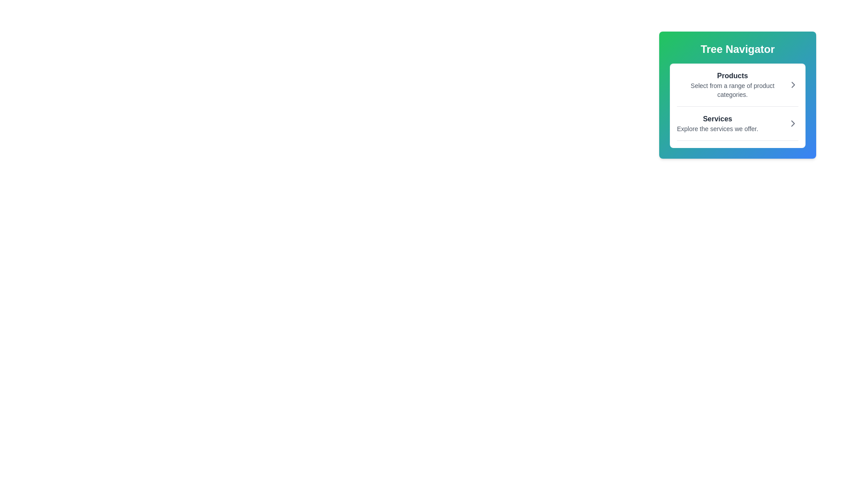 The image size is (854, 480). Describe the element at coordinates (737, 127) in the screenshot. I see `the second item in the navigation menu located within the 'Tree Navigator' card` at that location.